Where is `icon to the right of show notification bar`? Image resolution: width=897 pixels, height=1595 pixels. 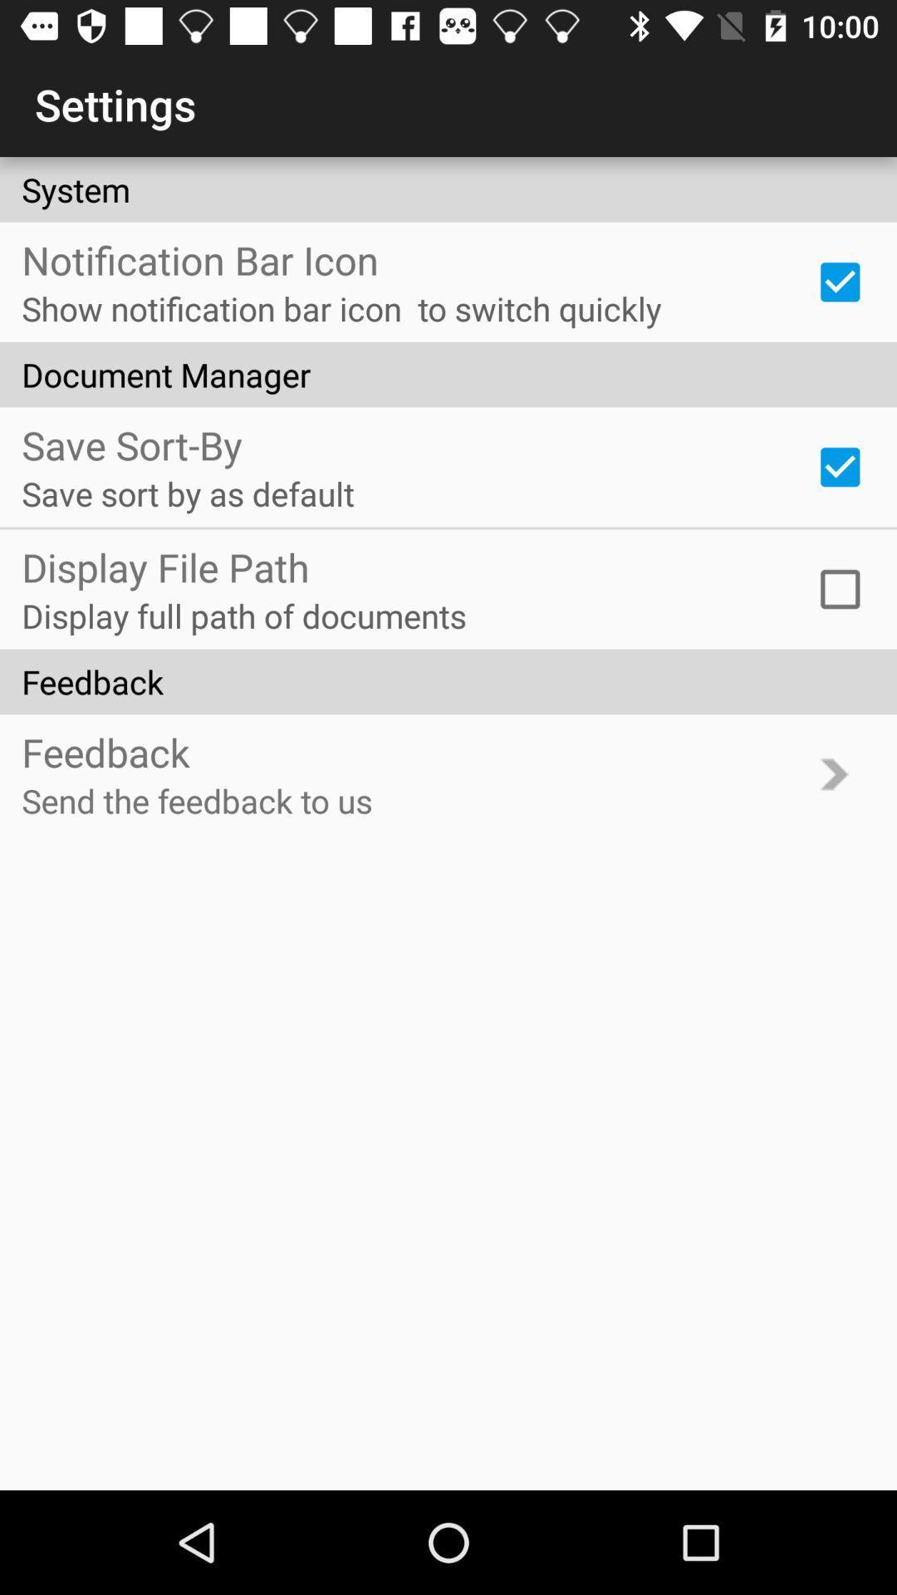 icon to the right of show notification bar is located at coordinates (840, 282).